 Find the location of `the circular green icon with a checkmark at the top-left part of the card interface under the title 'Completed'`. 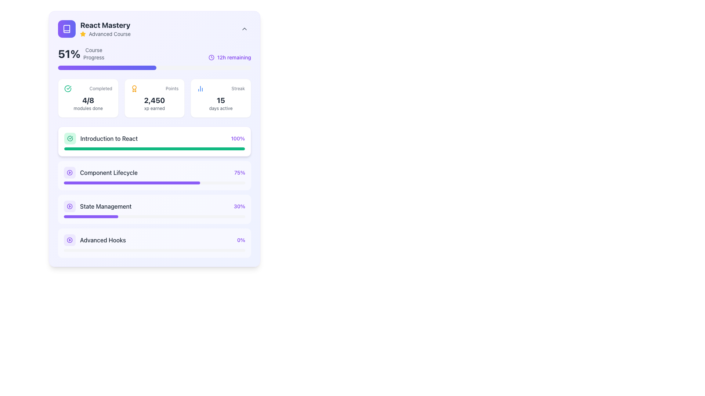

the circular green icon with a checkmark at the top-left part of the card interface under the title 'Completed' is located at coordinates (68, 88).